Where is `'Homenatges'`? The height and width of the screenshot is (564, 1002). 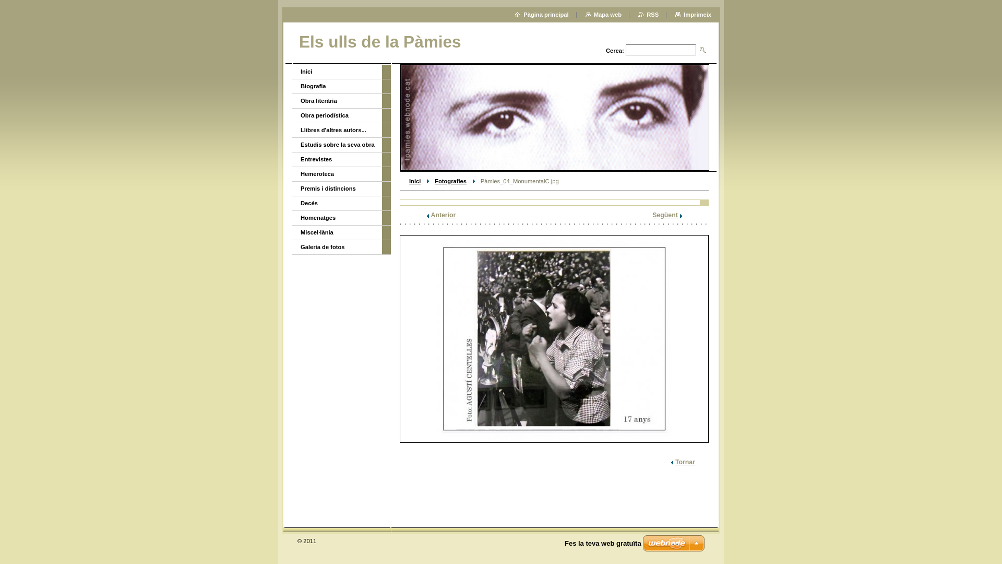 'Homenatges' is located at coordinates (337, 217).